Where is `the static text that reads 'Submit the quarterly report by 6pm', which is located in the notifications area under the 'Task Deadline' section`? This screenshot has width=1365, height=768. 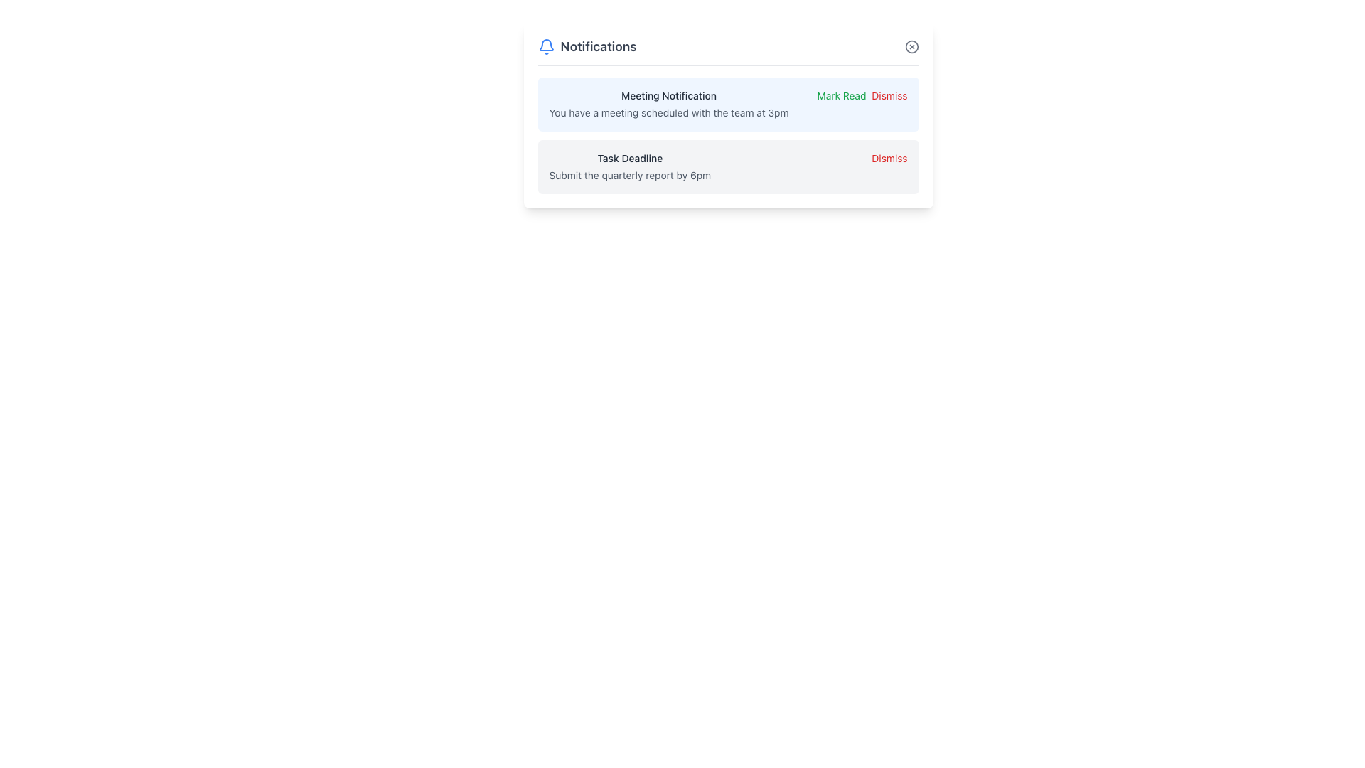
the static text that reads 'Submit the quarterly report by 6pm', which is located in the notifications area under the 'Task Deadline' section is located at coordinates (629, 174).